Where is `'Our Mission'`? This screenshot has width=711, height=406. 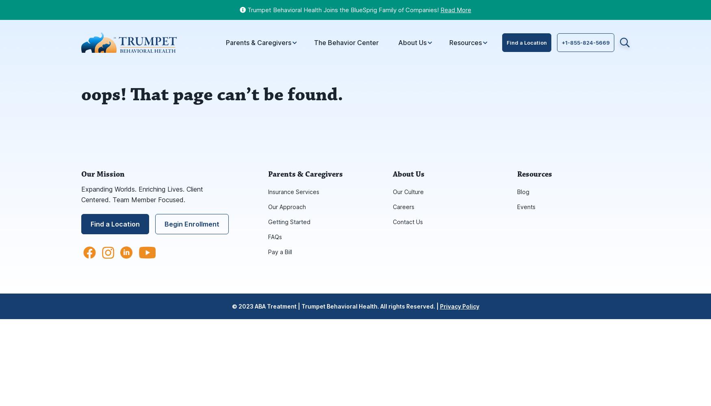
'Our Mission' is located at coordinates (102, 174).